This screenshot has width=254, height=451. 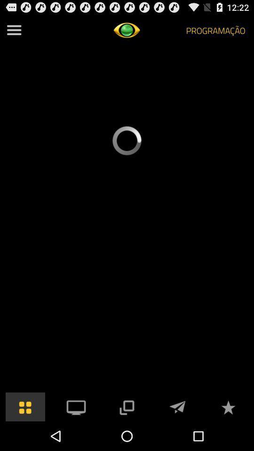 What do you see at coordinates (14, 30) in the screenshot?
I see `open menu` at bounding box center [14, 30].